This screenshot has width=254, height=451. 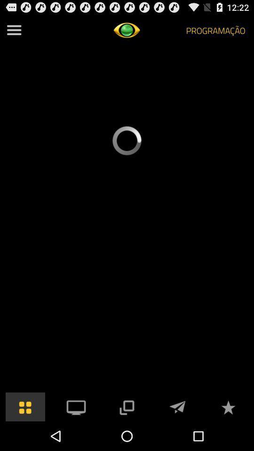 What do you see at coordinates (14, 30) in the screenshot?
I see `open menu` at bounding box center [14, 30].